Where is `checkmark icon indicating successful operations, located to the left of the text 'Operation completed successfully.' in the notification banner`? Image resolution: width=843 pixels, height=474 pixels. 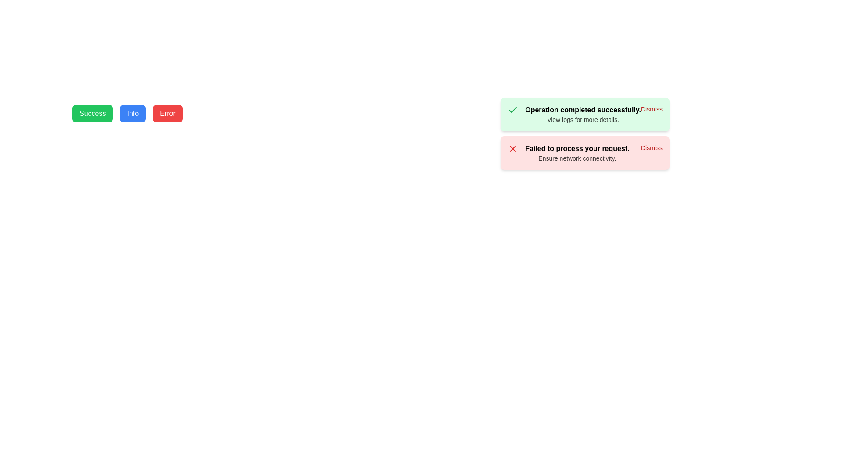 checkmark icon indicating successful operations, located to the left of the text 'Operation completed successfully.' in the notification banner is located at coordinates (513, 109).